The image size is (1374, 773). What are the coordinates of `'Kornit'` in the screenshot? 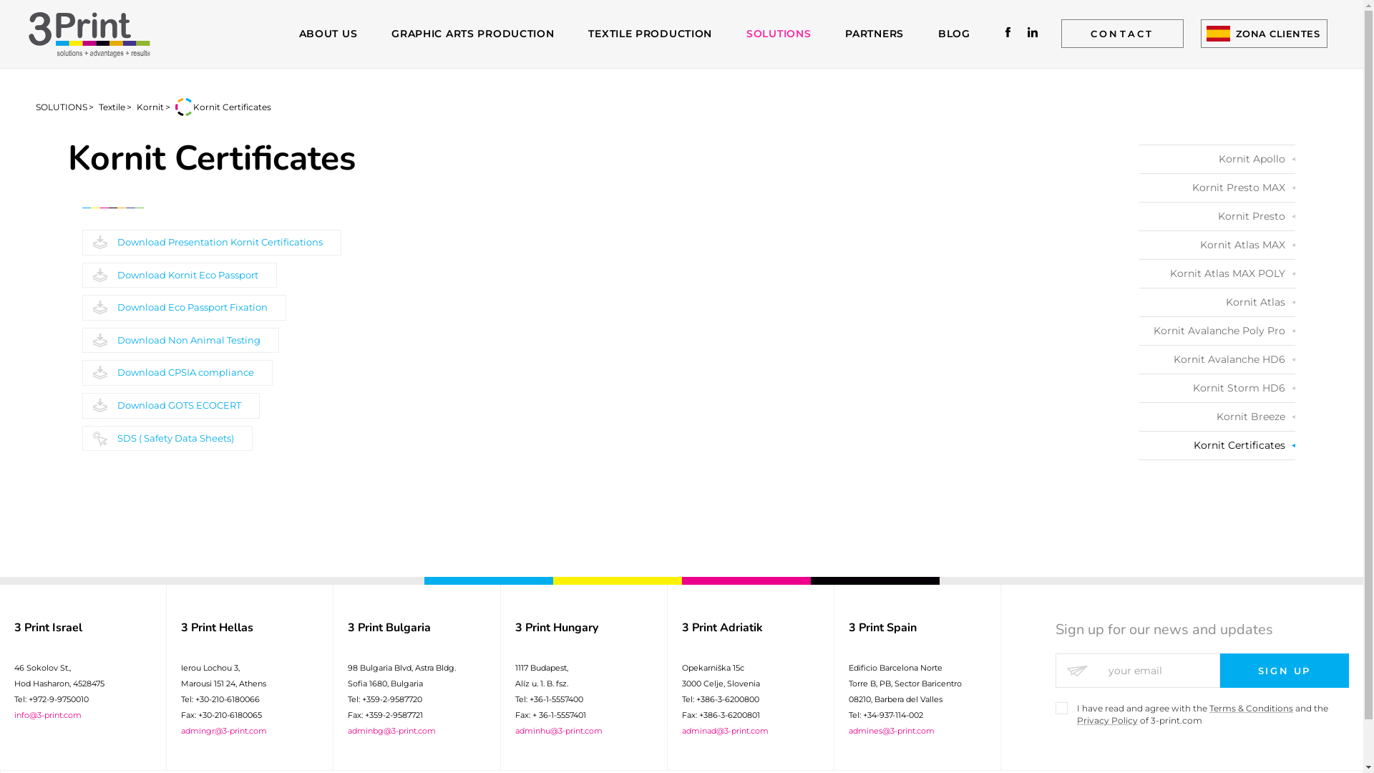 It's located at (150, 106).